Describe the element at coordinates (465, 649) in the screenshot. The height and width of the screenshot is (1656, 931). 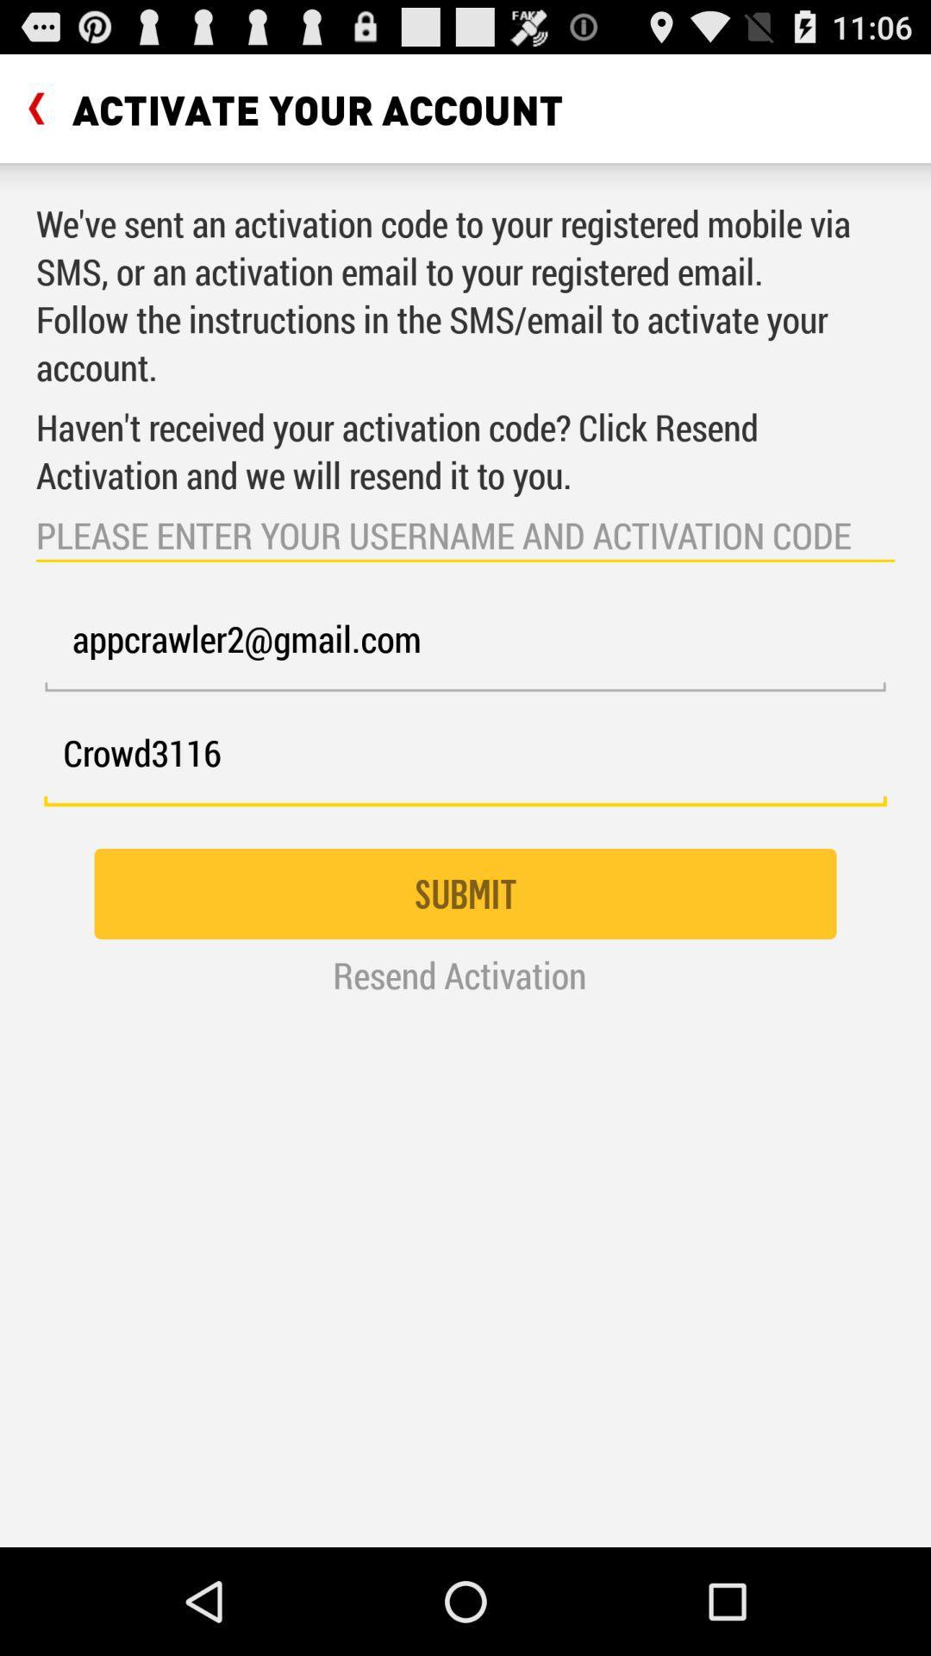
I see `the icon above crowd3116` at that location.